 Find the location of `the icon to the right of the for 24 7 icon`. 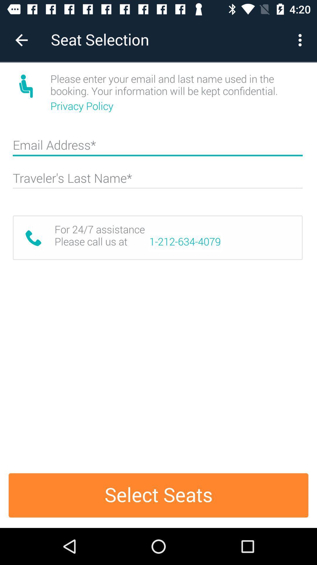

the icon to the right of the for 24 7 icon is located at coordinates (185, 242).